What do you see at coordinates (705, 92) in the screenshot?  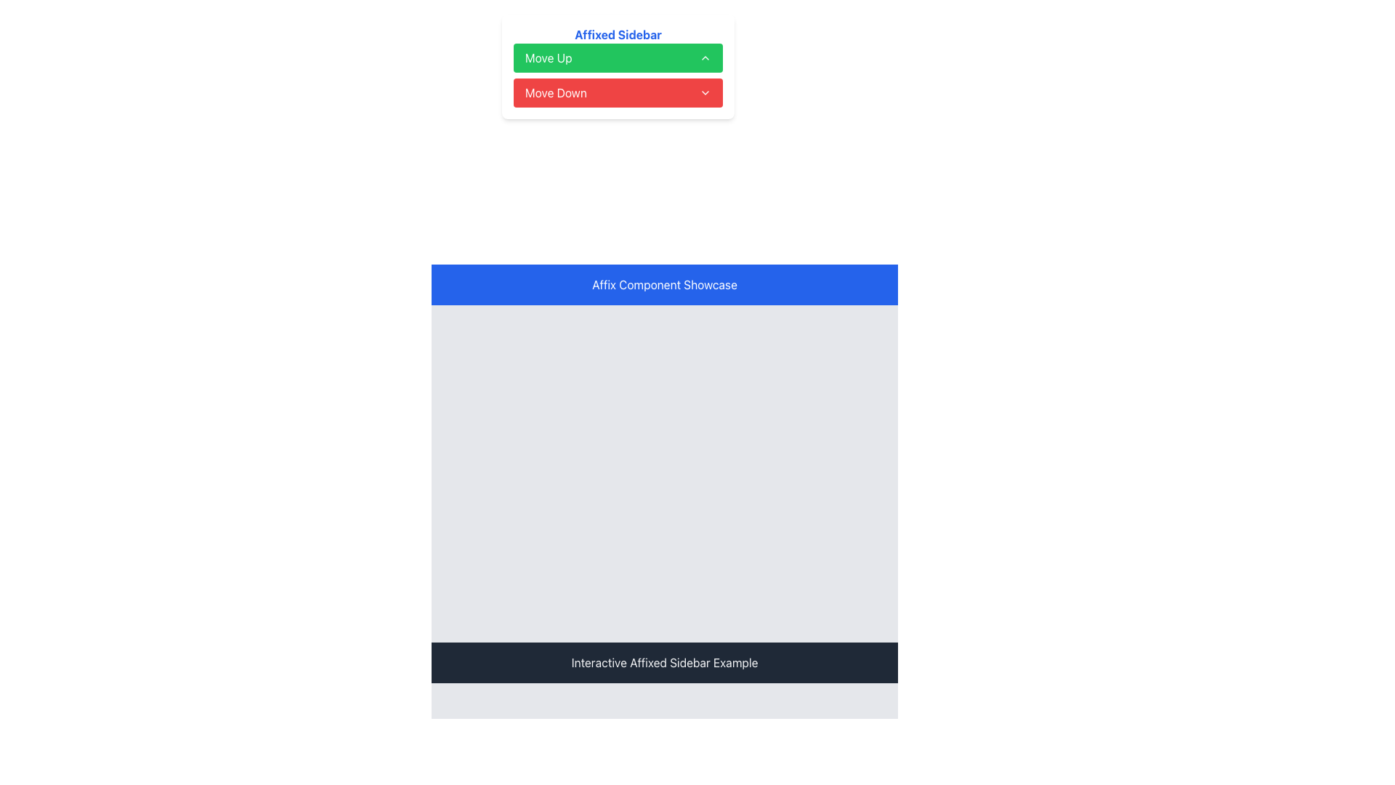 I see `the chevron icon indicating dropdown functionality located to the far-right of the red 'Move Down' button` at bounding box center [705, 92].